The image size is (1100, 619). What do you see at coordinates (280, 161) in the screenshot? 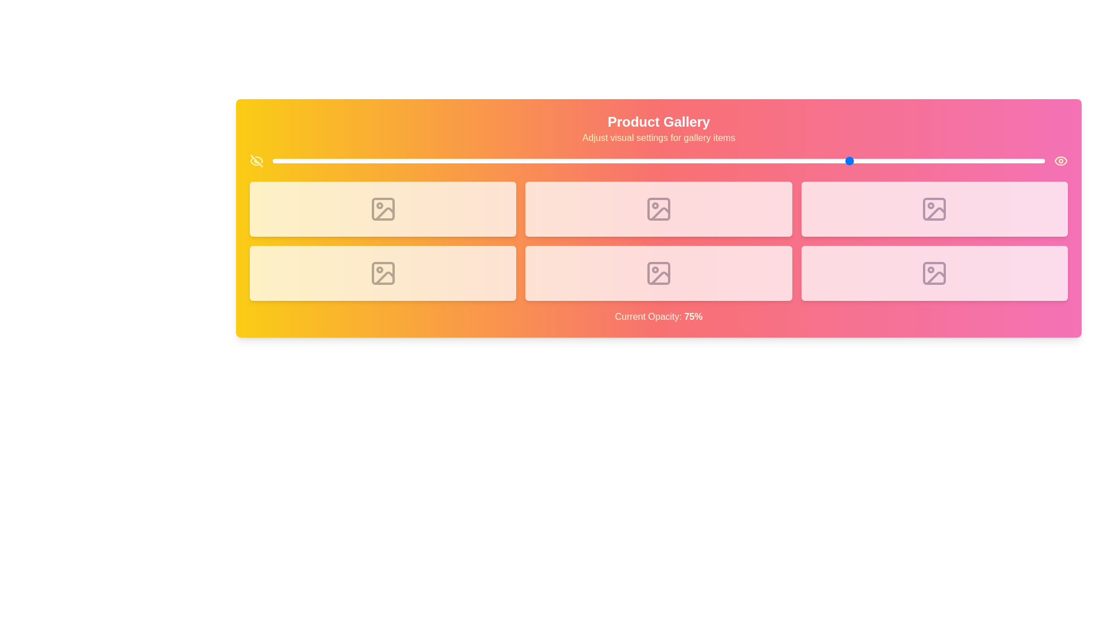
I see `the gallery opacity to 1% using the slider` at bounding box center [280, 161].